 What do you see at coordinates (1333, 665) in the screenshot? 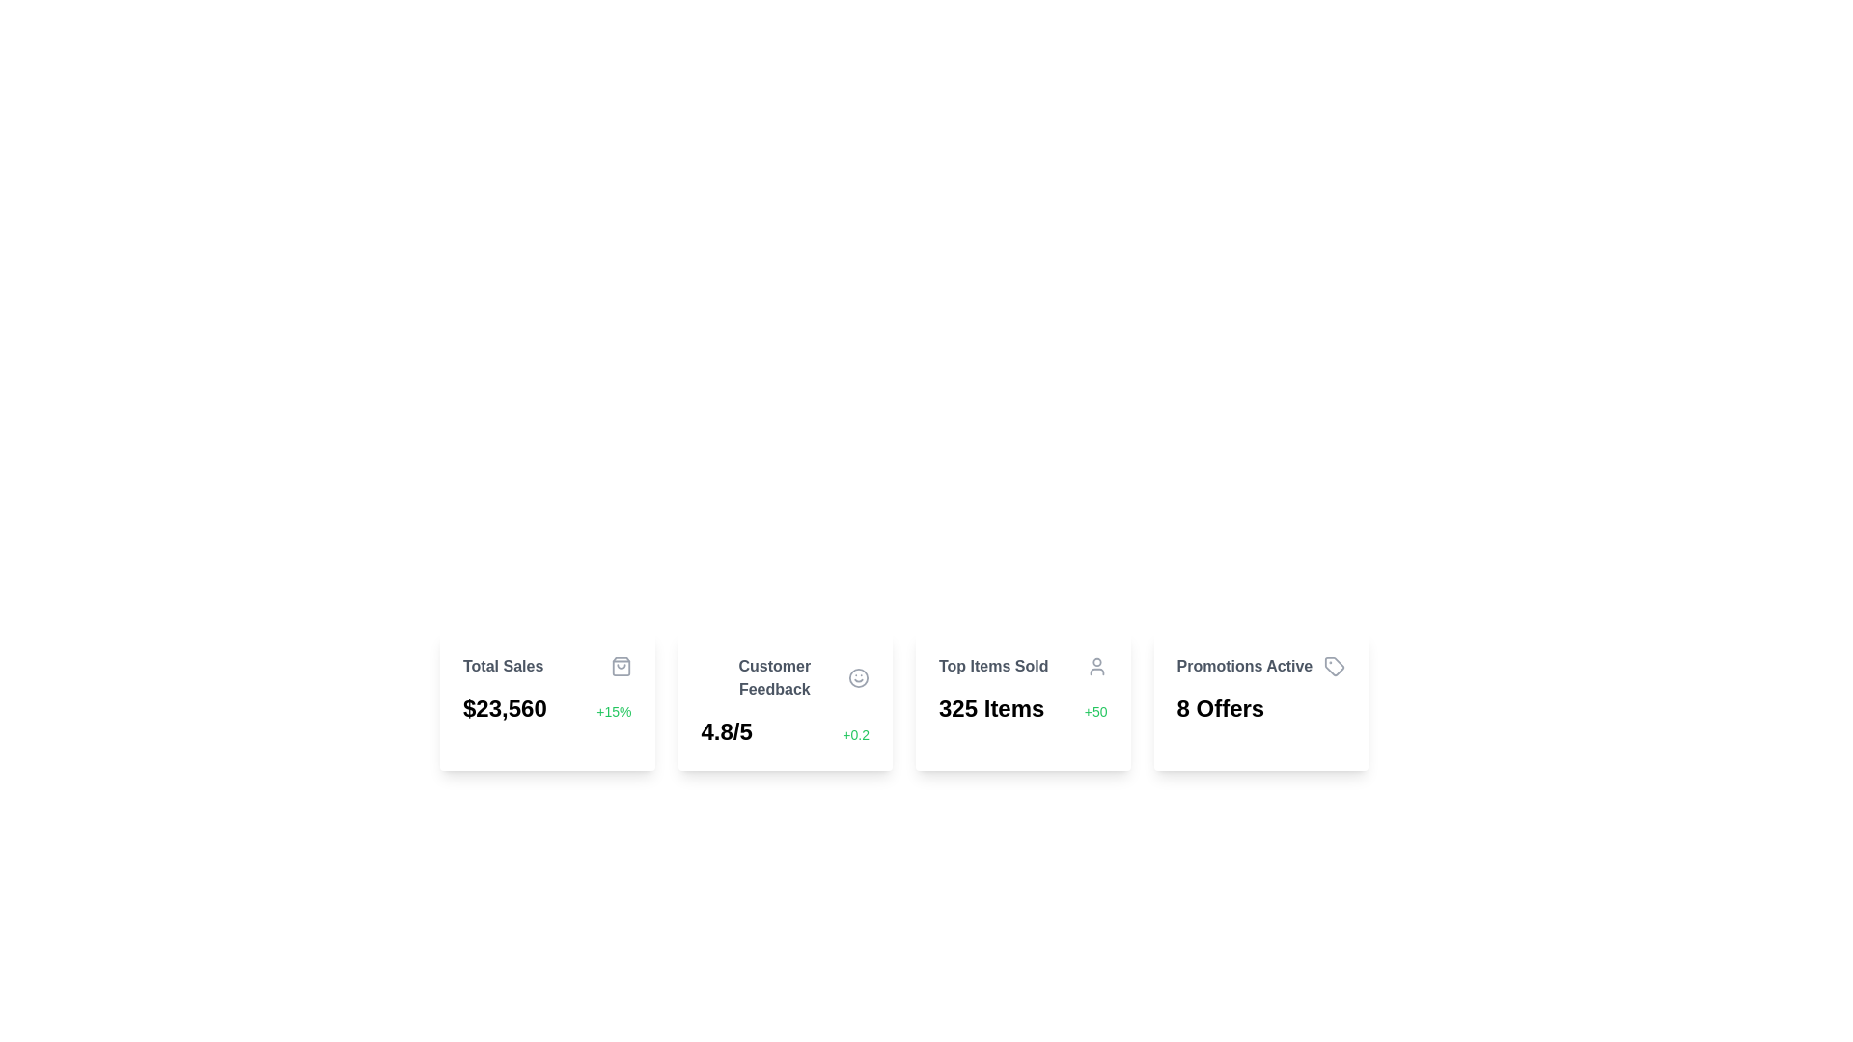
I see `the compact icon resembling a label or tag with a subtle gray outline, positioned at the right edge of the 'Promotions Active' card` at bounding box center [1333, 665].